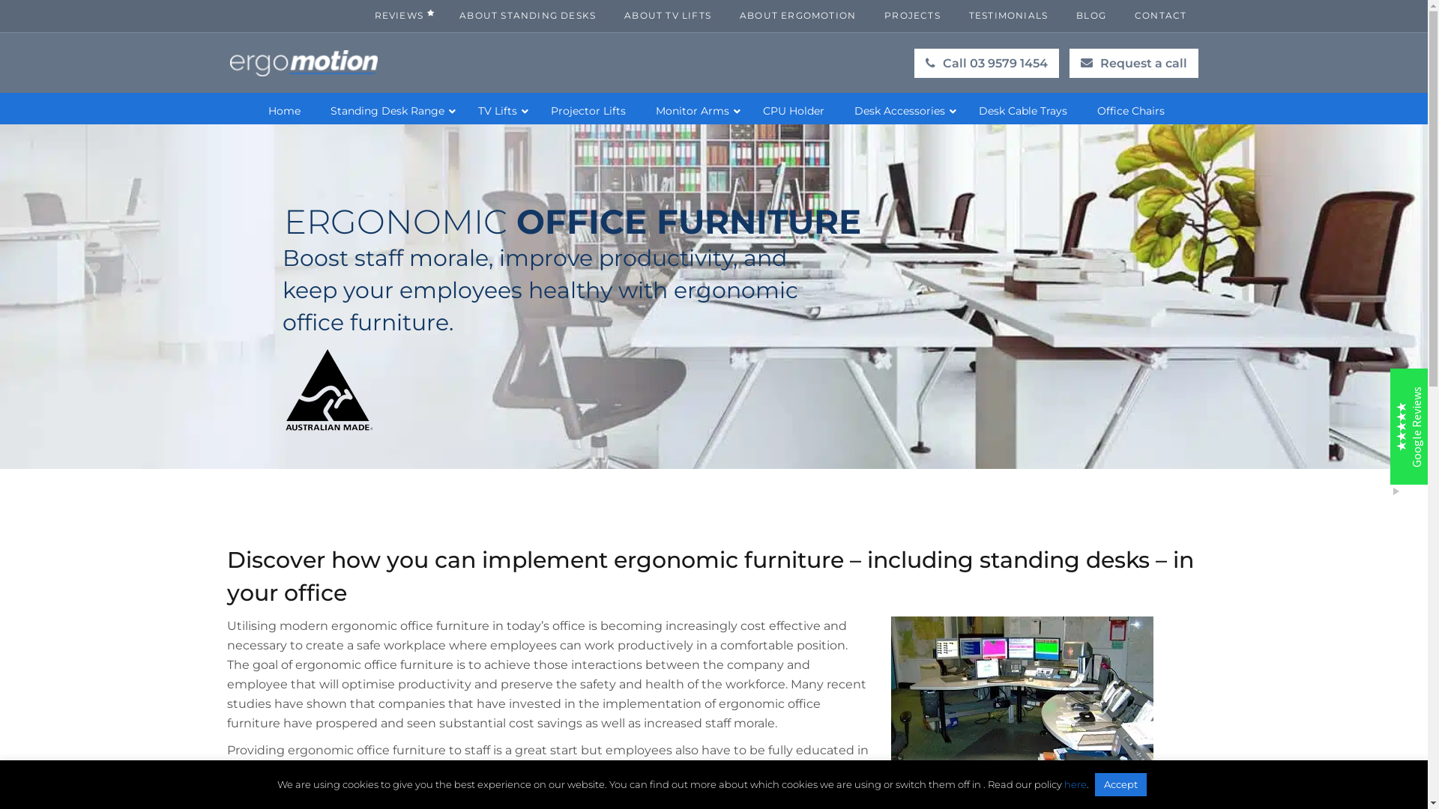 The image size is (1439, 809). What do you see at coordinates (870, 15) in the screenshot?
I see `'PROJECTS'` at bounding box center [870, 15].